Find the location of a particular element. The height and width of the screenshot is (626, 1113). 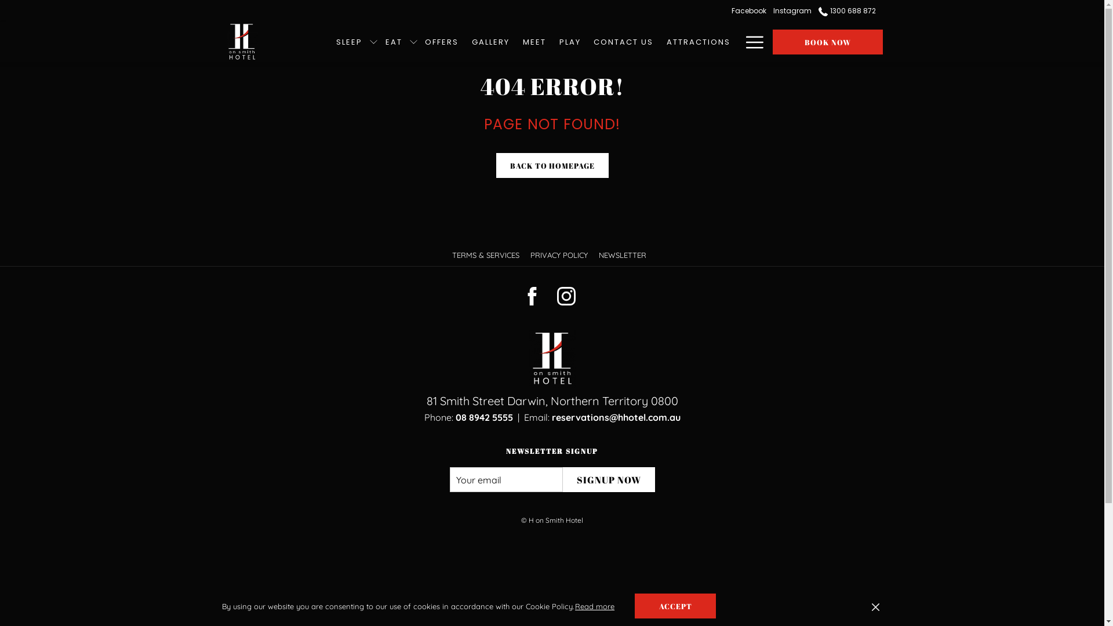

'PLAY' is located at coordinates (574, 41).